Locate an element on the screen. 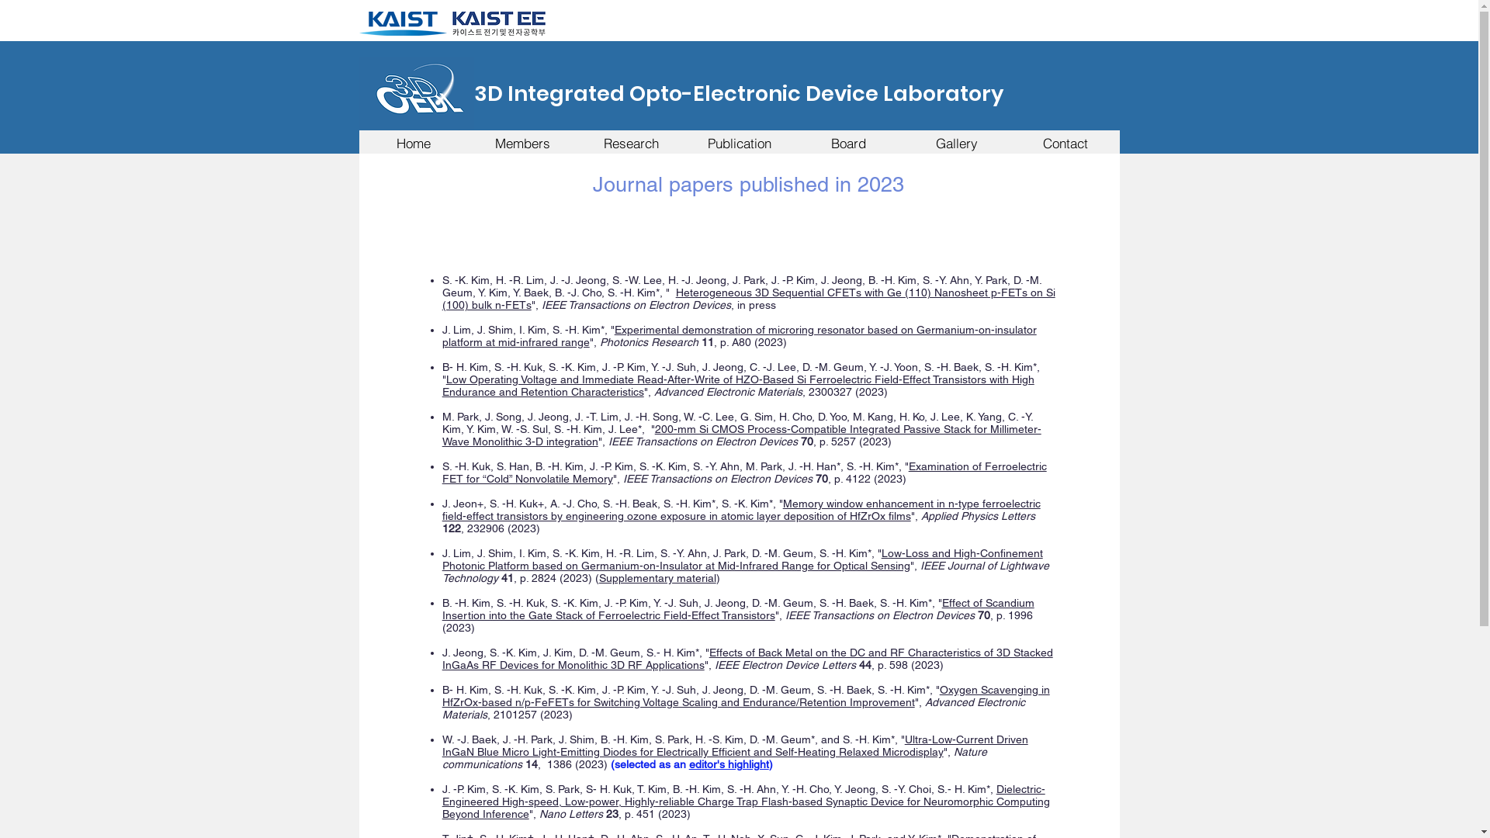  'Contact' is located at coordinates (1064, 143).